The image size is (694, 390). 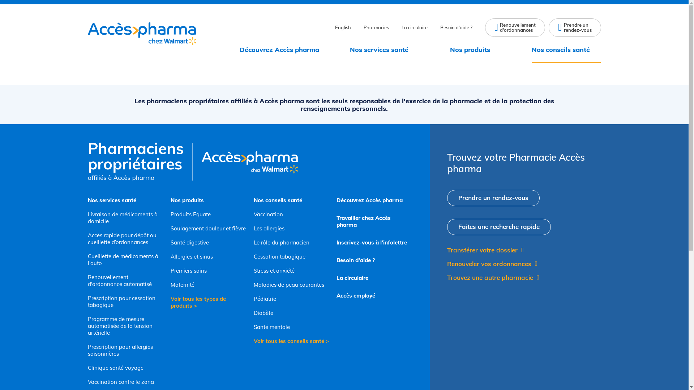 I want to click on 'Faites une recherche rapide', so click(x=498, y=226).